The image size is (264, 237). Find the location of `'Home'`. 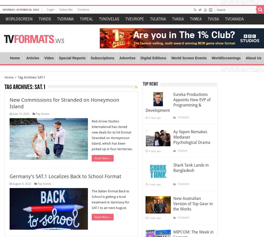

'Home' is located at coordinates (9, 77).